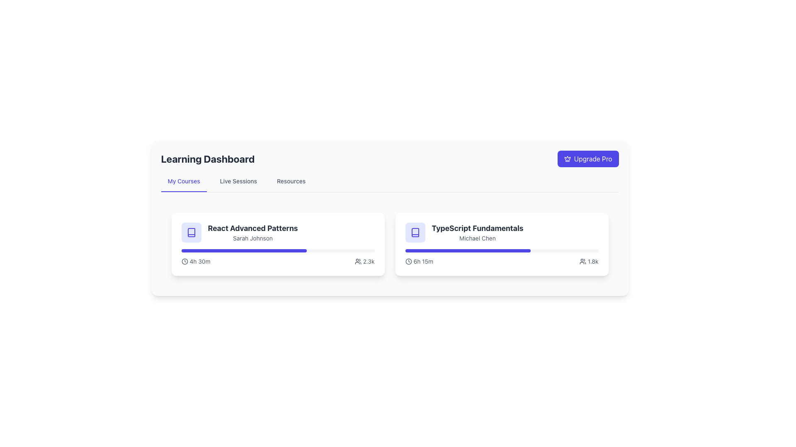 This screenshot has height=447, width=796. Describe the element at coordinates (183, 191) in the screenshot. I see `the styling changes of the Decorative indicator for the active navigation tab located beneath the 'My Courses' text in the navigation bar` at that location.